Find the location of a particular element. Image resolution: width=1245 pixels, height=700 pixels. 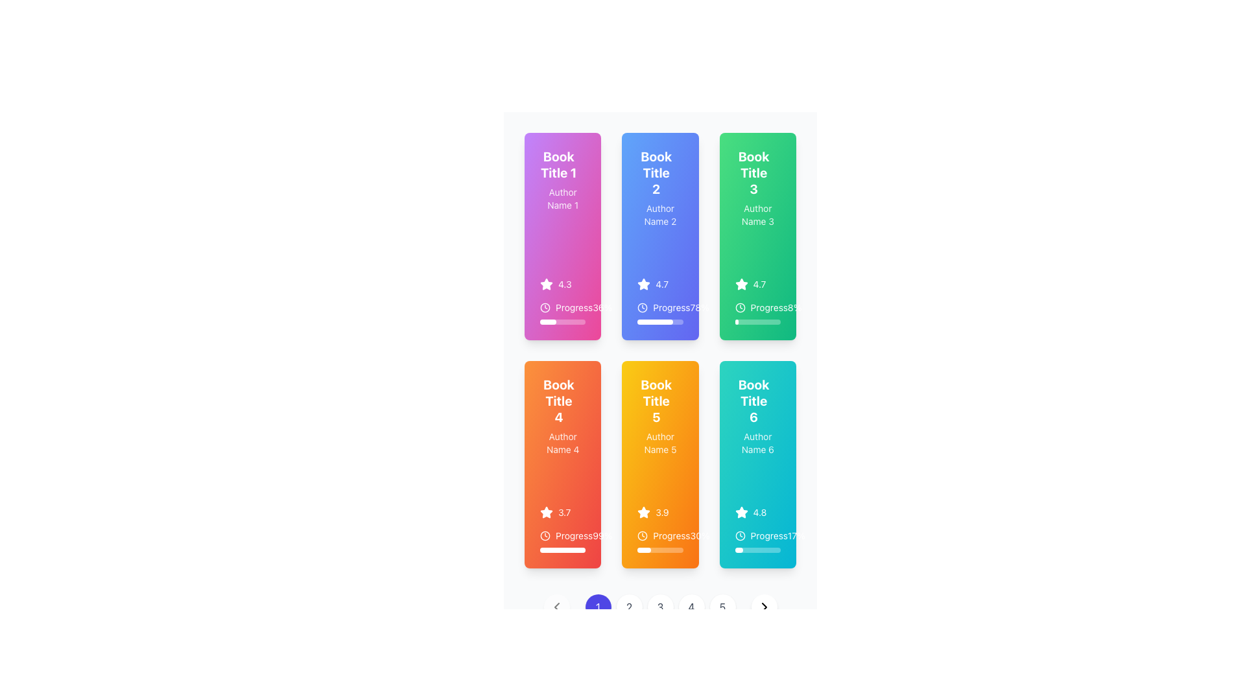

user rating and progress information displayed in the Information display component located within the card for 'Book Title 5', positioned in the second row and second column of the grid layout is located at coordinates (660, 530).